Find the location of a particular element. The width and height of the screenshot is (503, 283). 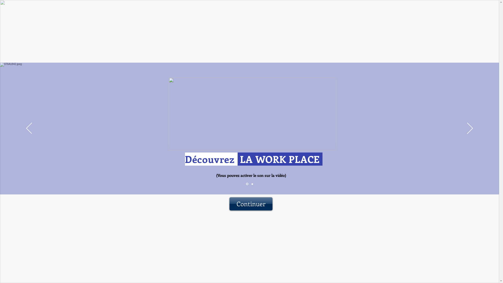

'Continuer' is located at coordinates (251, 204).